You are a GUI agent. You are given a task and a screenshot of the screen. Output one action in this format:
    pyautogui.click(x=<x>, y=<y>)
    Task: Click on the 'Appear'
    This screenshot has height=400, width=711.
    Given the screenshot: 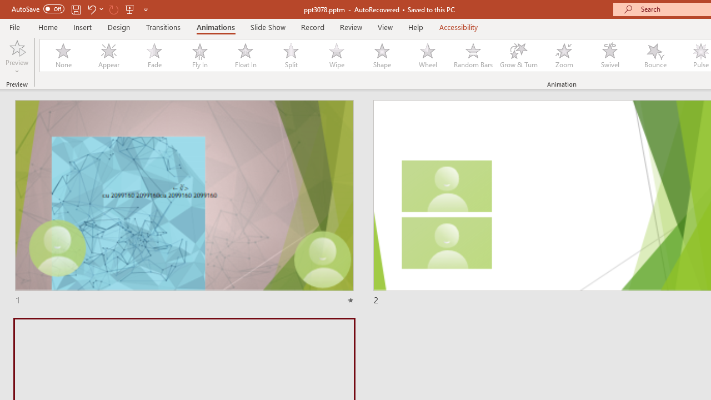 What is the action you would take?
    pyautogui.click(x=108, y=56)
    